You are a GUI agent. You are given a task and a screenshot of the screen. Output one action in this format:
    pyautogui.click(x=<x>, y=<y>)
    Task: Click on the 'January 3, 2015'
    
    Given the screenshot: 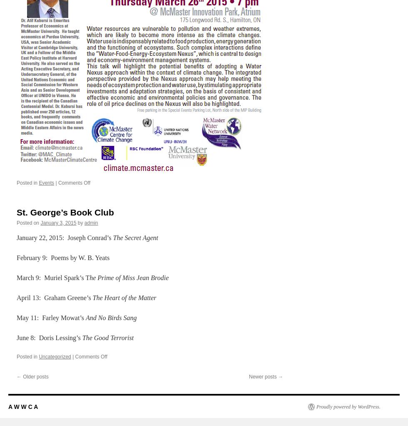 What is the action you would take?
    pyautogui.click(x=58, y=222)
    